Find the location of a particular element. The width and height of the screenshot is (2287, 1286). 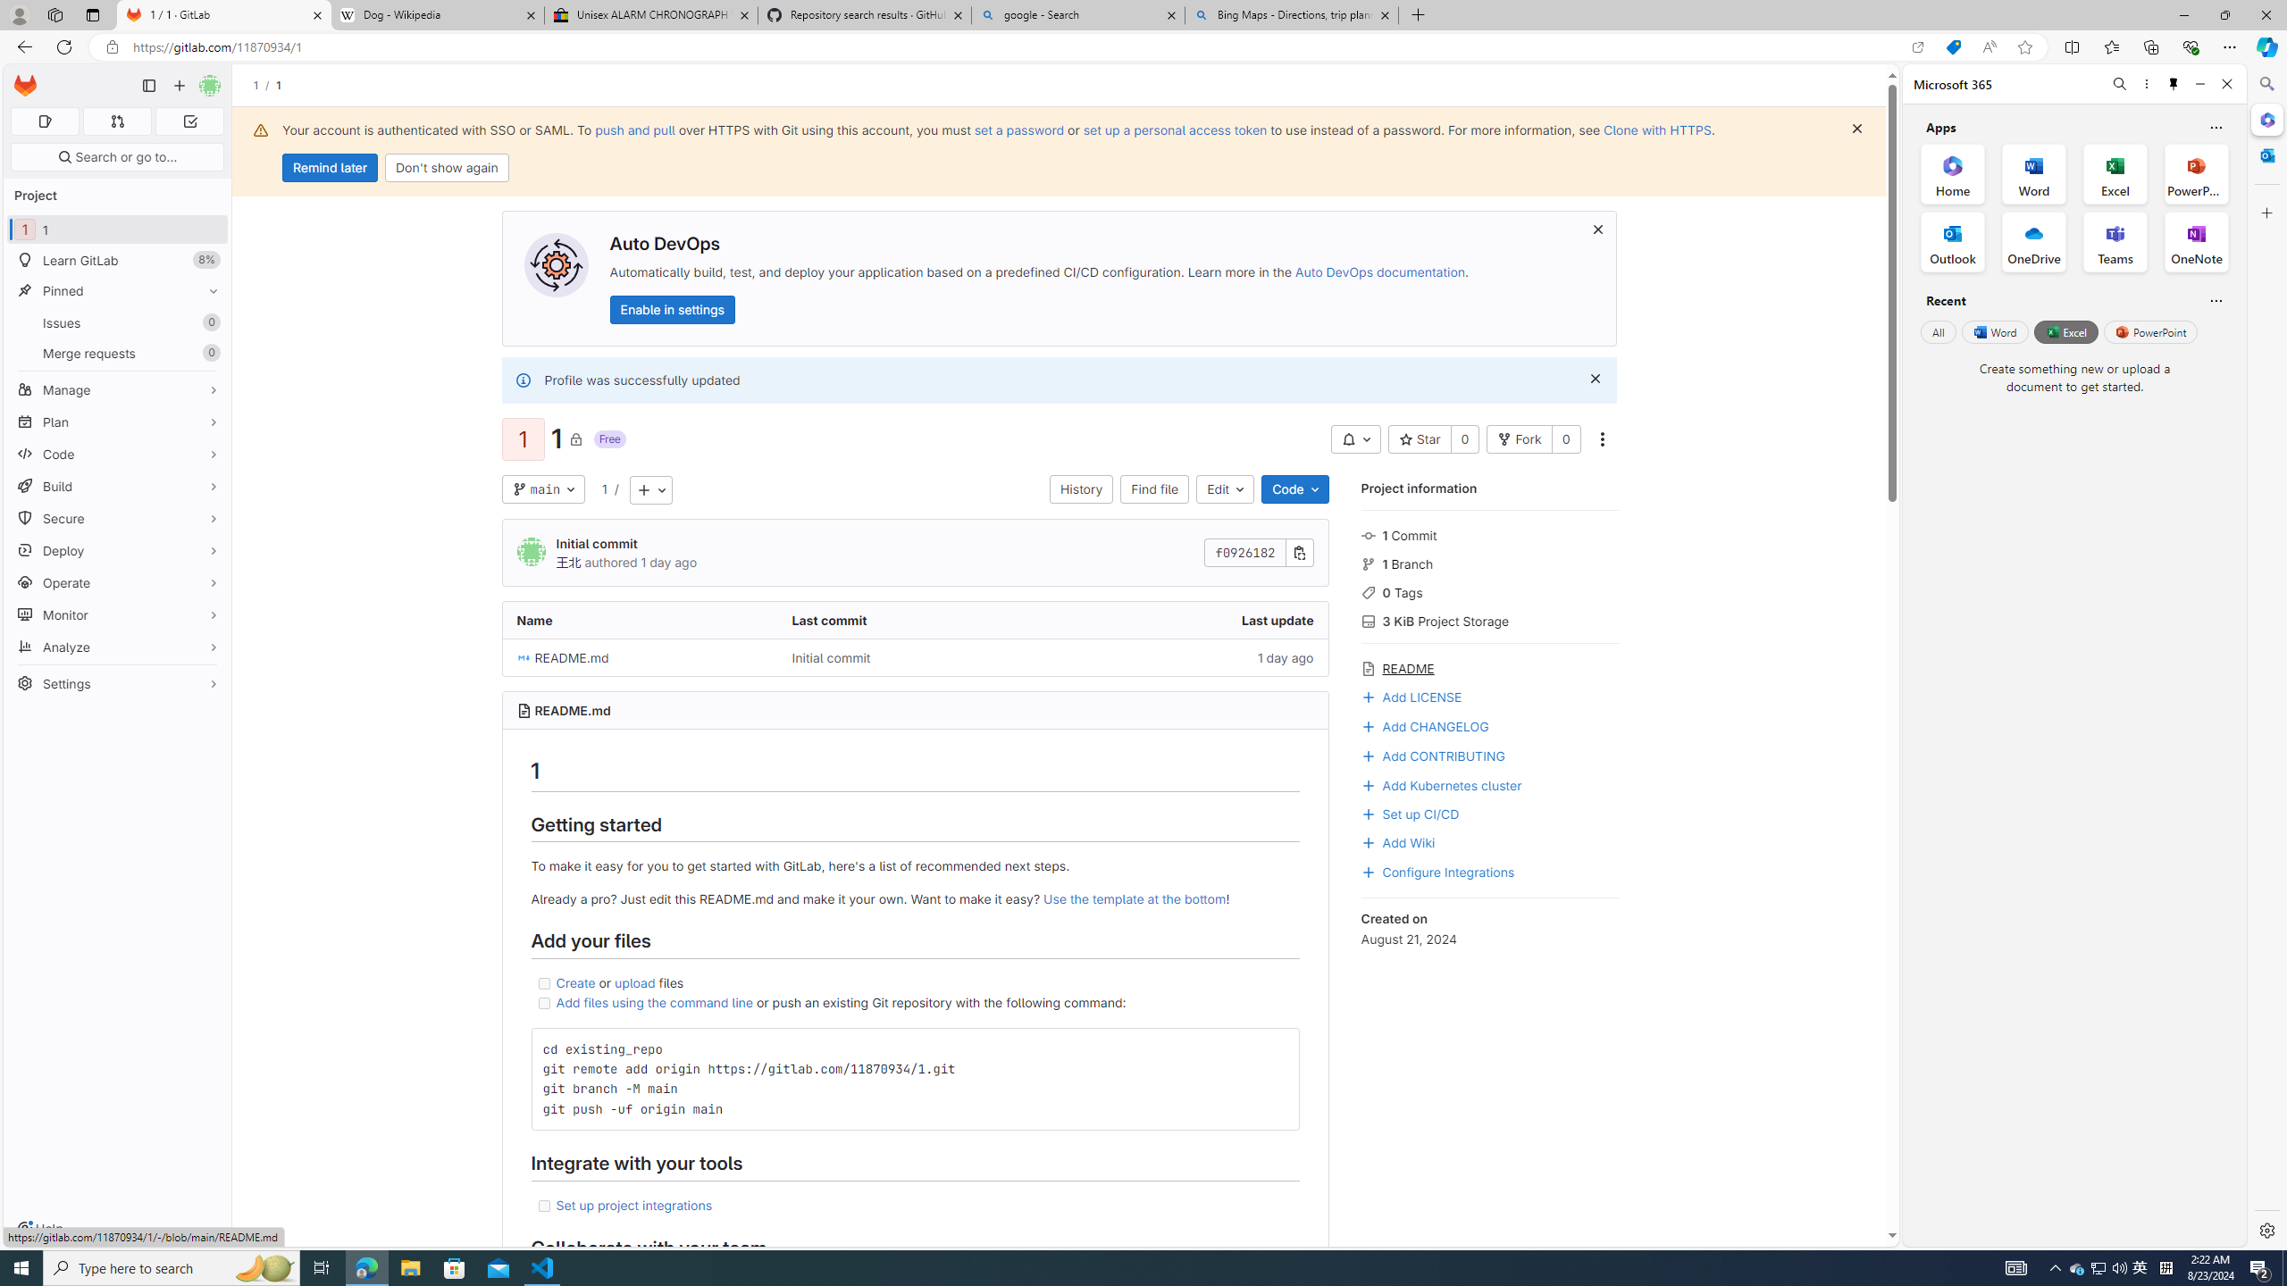

'Operate' is located at coordinates (116, 582).